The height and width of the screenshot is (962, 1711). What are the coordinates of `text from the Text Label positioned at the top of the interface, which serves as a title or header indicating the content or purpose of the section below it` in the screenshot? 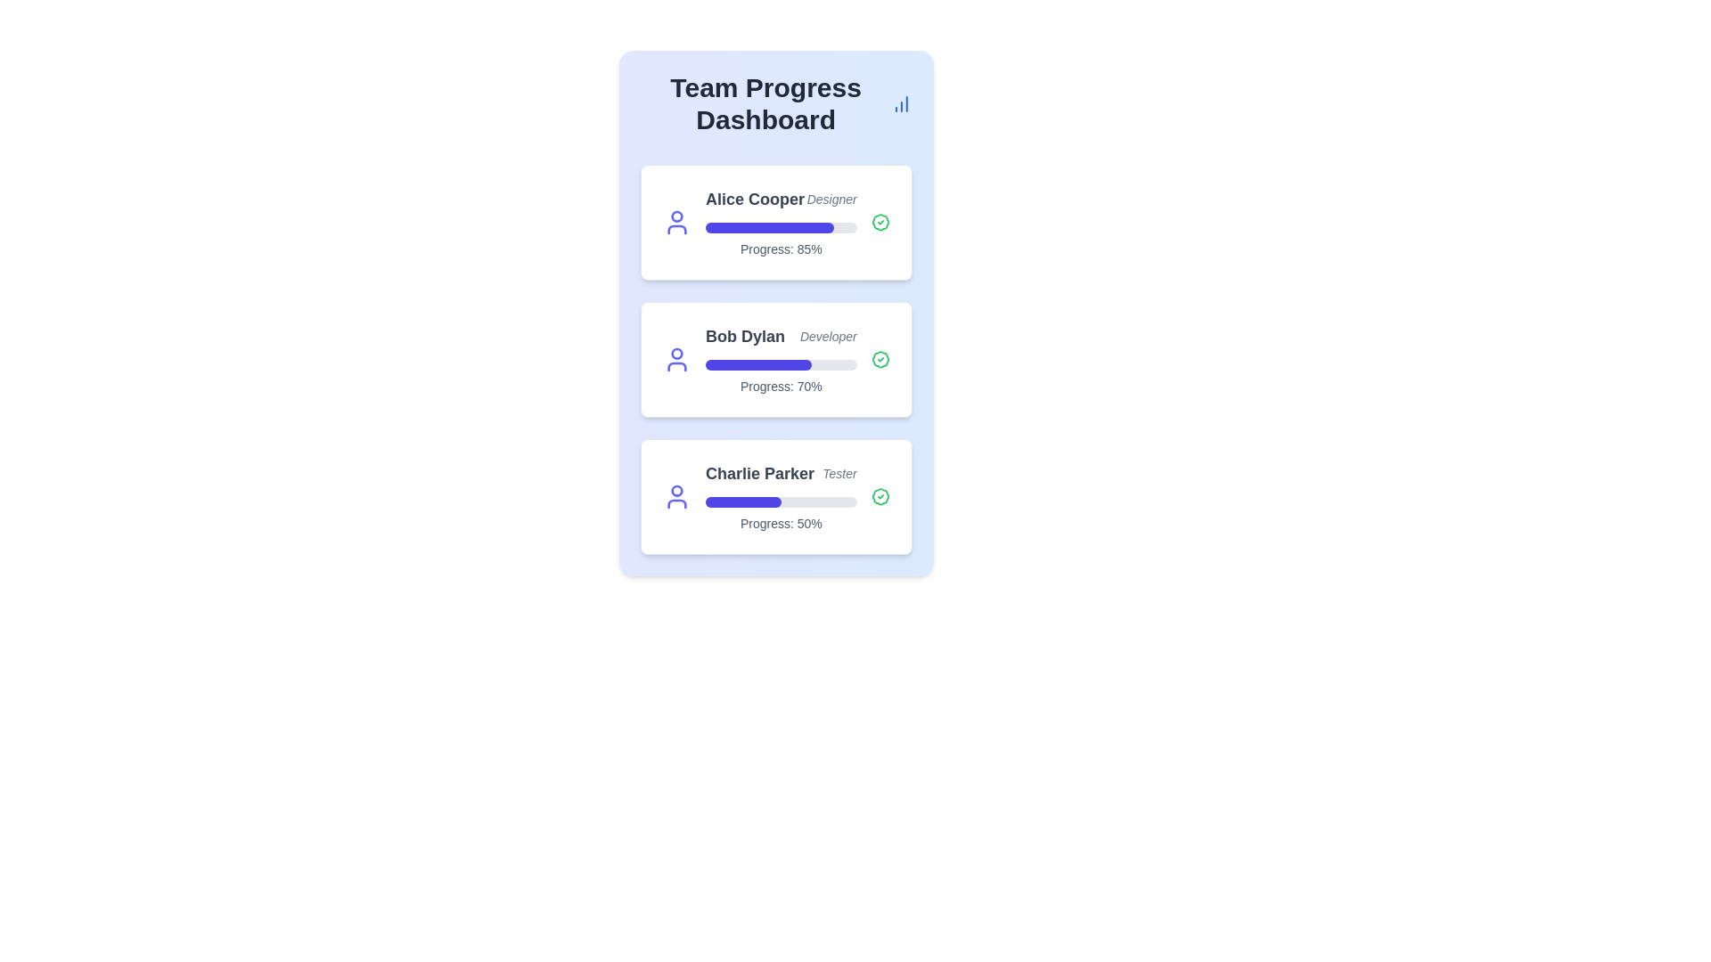 It's located at (765, 103).